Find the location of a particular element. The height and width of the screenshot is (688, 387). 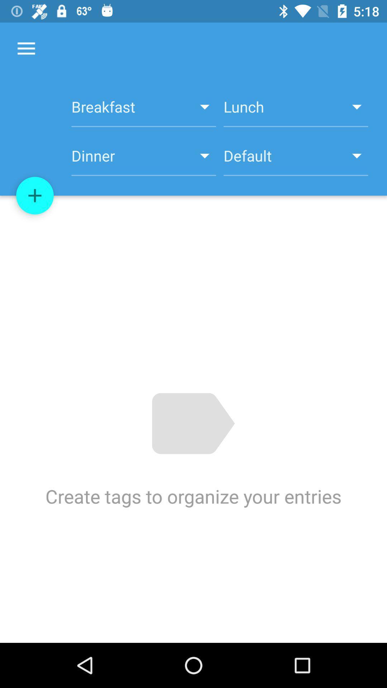

item above dinner is located at coordinates (144, 110).